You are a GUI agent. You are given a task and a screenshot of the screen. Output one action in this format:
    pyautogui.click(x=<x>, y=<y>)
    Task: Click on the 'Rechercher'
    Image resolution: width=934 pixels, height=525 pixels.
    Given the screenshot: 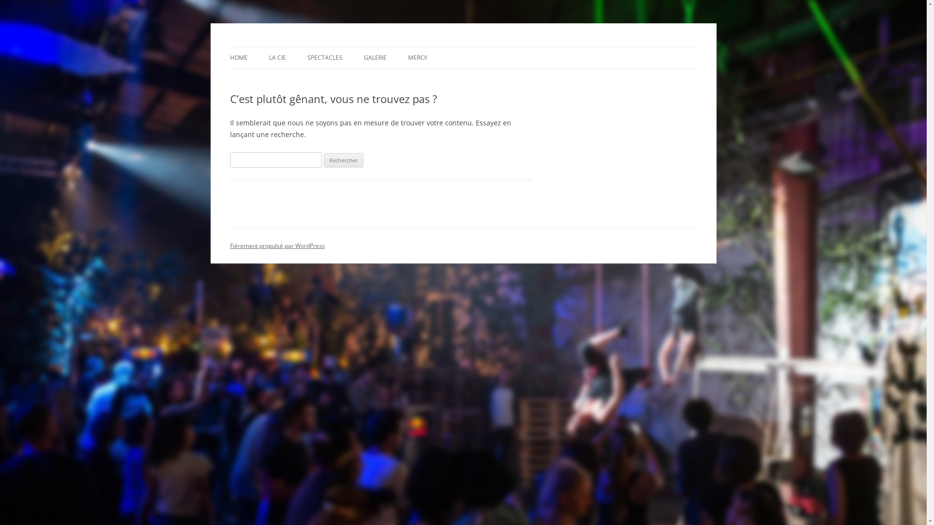 What is the action you would take?
    pyautogui.click(x=343, y=160)
    